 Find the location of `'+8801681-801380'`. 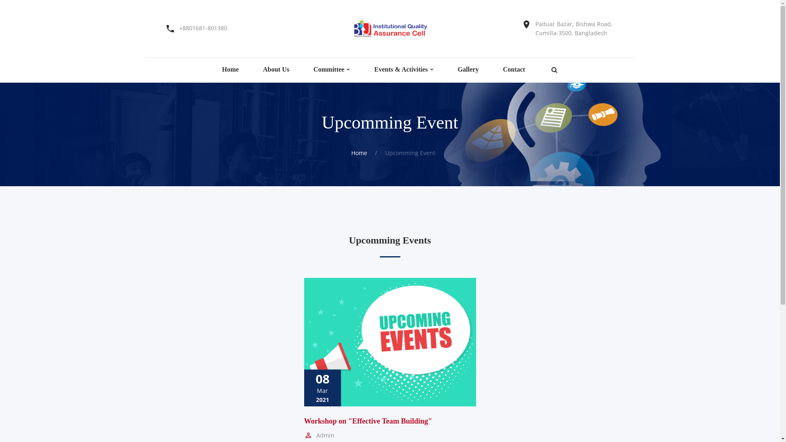

'+8801681-801380' is located at coordinates (178, 28).